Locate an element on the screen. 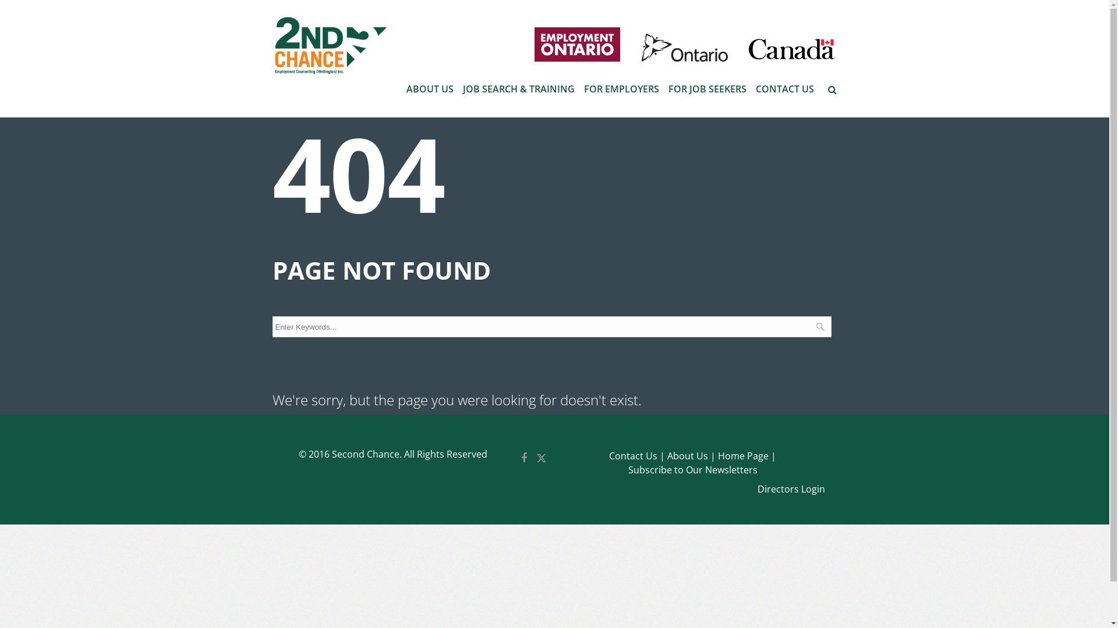  'About Us' is located at coordinates (691, 455).